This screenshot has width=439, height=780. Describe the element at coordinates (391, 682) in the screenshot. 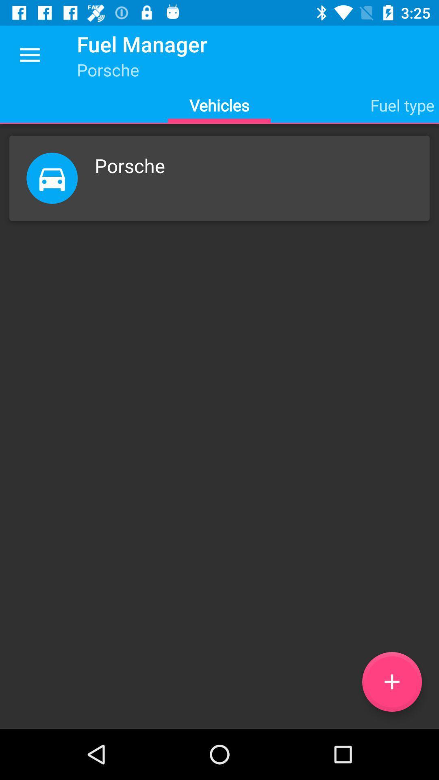

I see `the item below the porsche item` at that location.